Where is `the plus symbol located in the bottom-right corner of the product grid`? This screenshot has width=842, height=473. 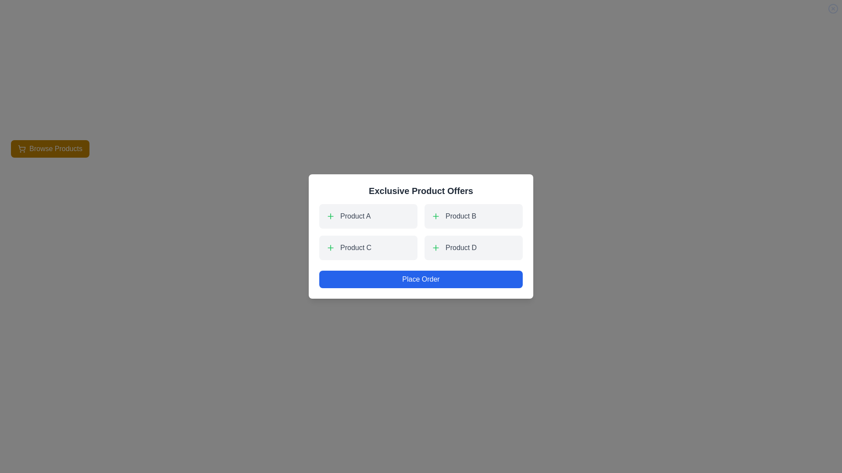 the plus symbol located in the bottom-right corner of the product grid is located at coordinates (473, 248).